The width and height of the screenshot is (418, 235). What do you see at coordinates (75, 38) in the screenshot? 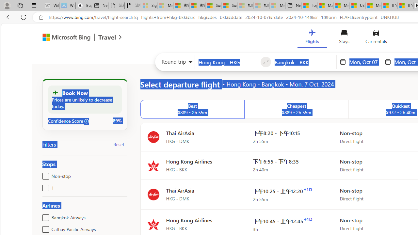
I see `'Microsoft Bing Travel'` at bounding box center [75, 38].